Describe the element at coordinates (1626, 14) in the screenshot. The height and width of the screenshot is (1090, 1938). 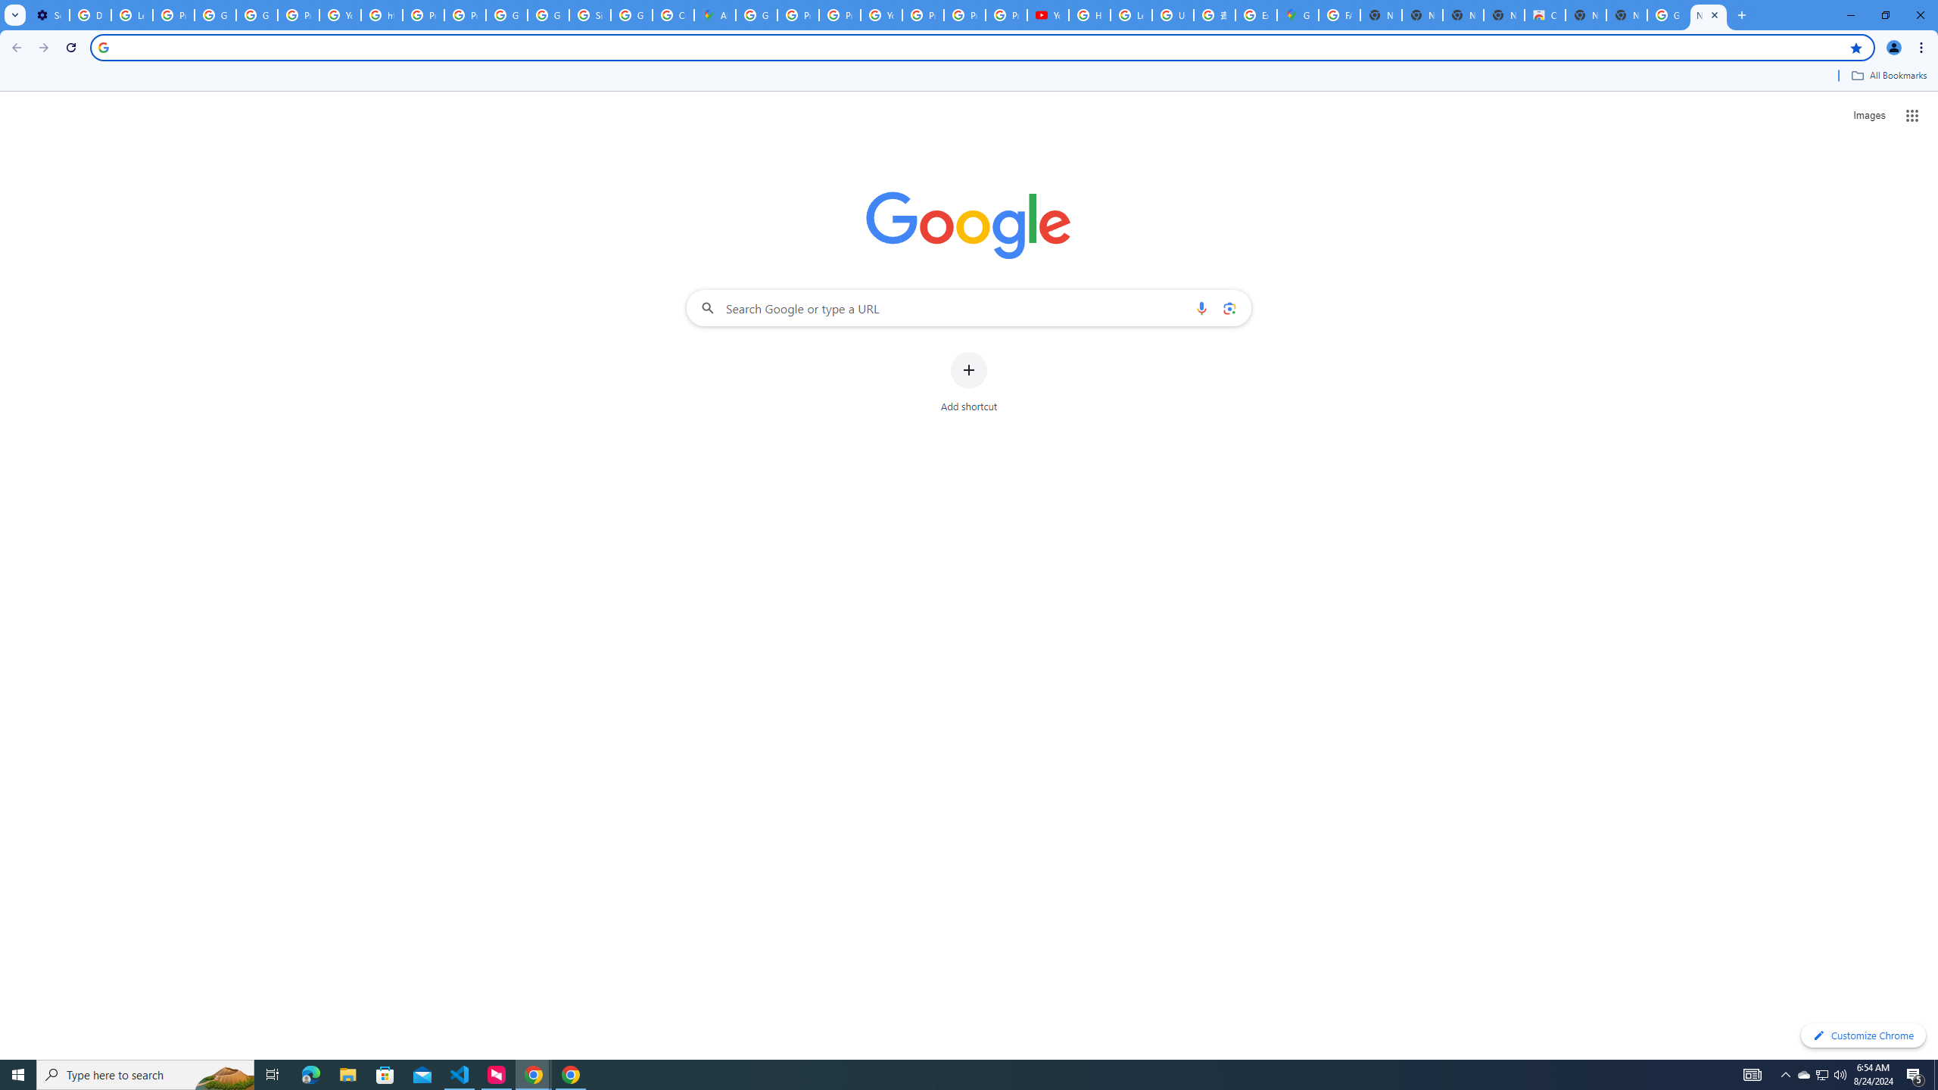
I see `'New Tab'` at that location.